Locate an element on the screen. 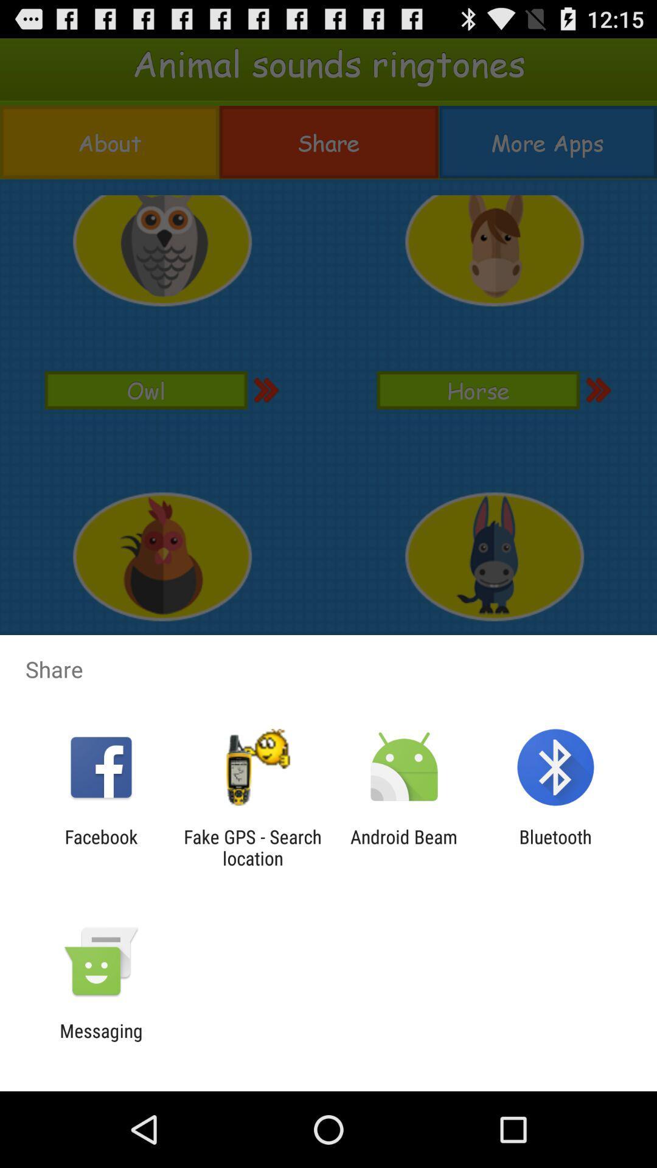  item to the left of android beam item is located at coordinates (252, 847).